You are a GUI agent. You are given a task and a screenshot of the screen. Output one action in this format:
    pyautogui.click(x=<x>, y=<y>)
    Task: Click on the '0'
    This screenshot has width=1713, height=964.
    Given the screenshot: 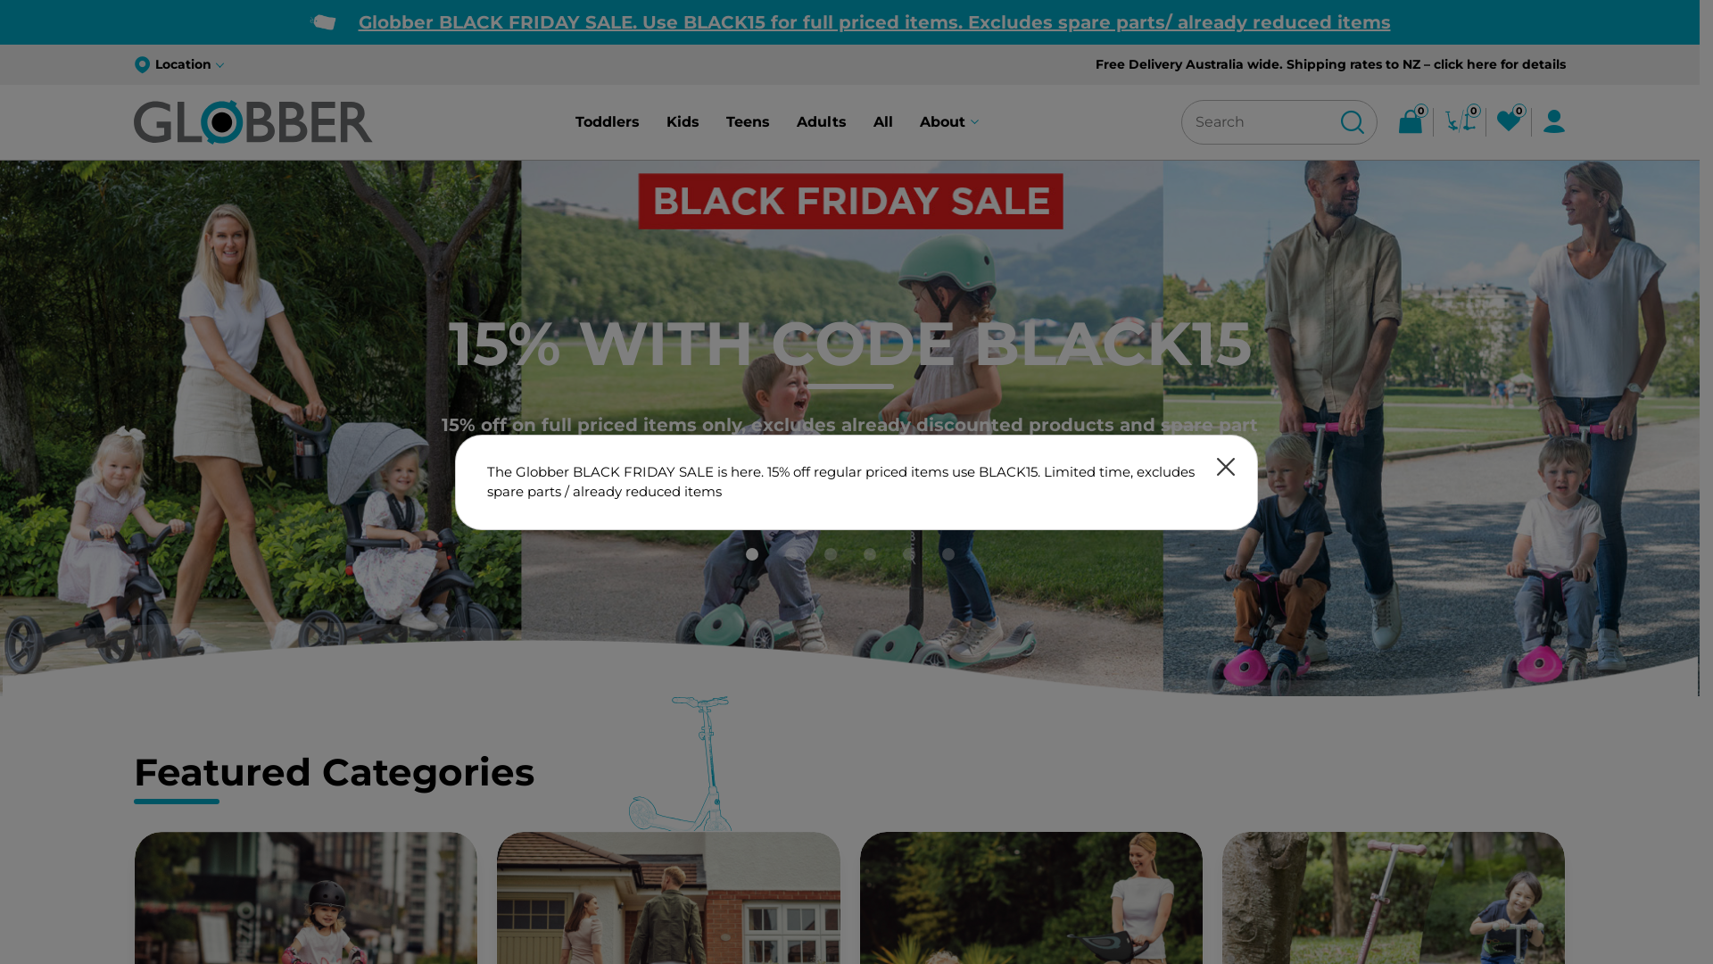 What is the action you would take?
    pyautogui.click(x=1460, y=121)
    